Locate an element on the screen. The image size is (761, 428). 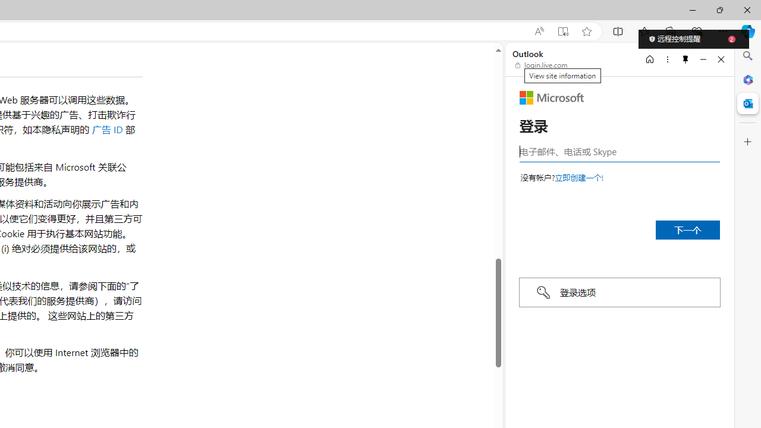
'Enter Immersive Reader (F9)' is located at coordinates (562, 31).